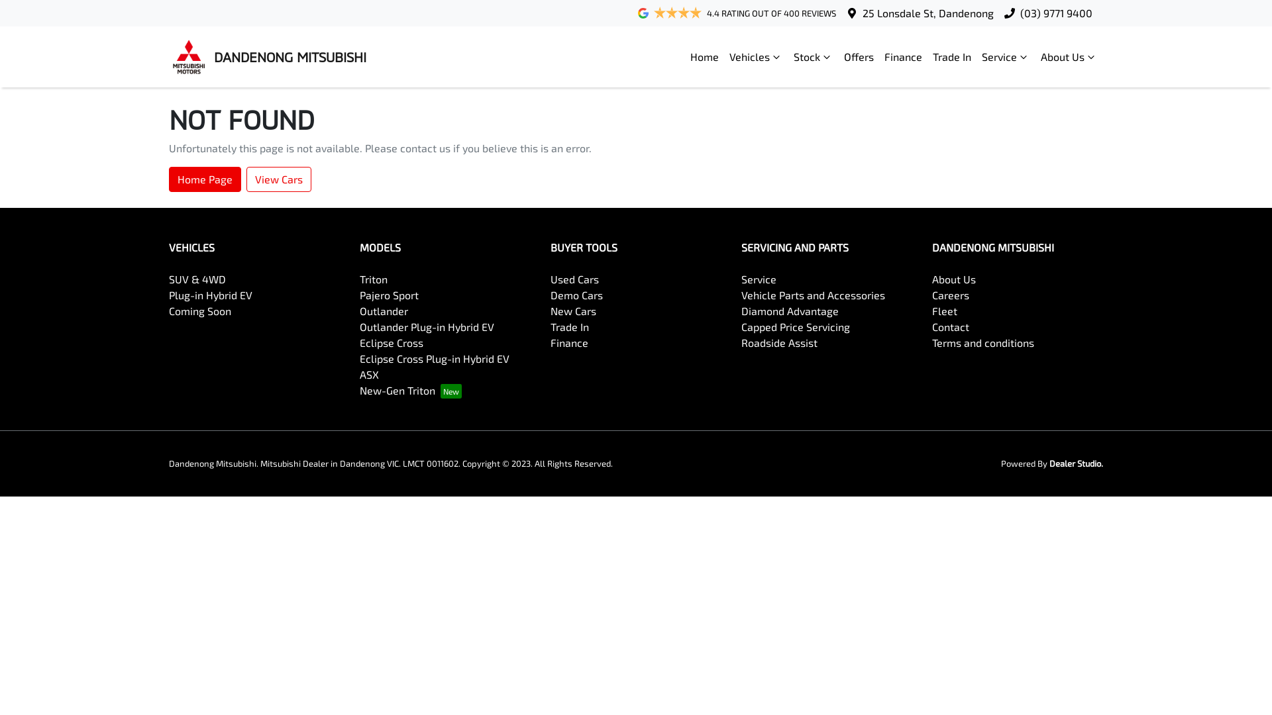  I want to click on 'Finance', so click(569, 342).